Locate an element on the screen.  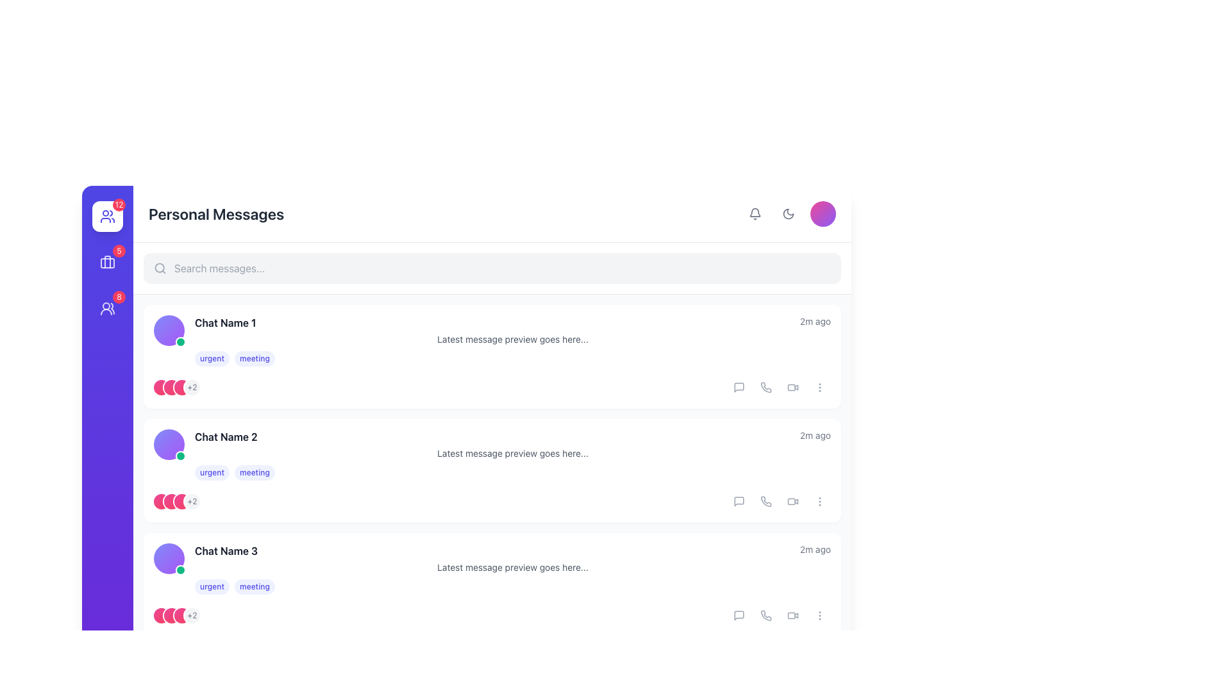
the badge-style text component displaying 'meeting' in lowercase blue text, which is centered within a light blue rounded rectangle is located at coordinates (255, 472).